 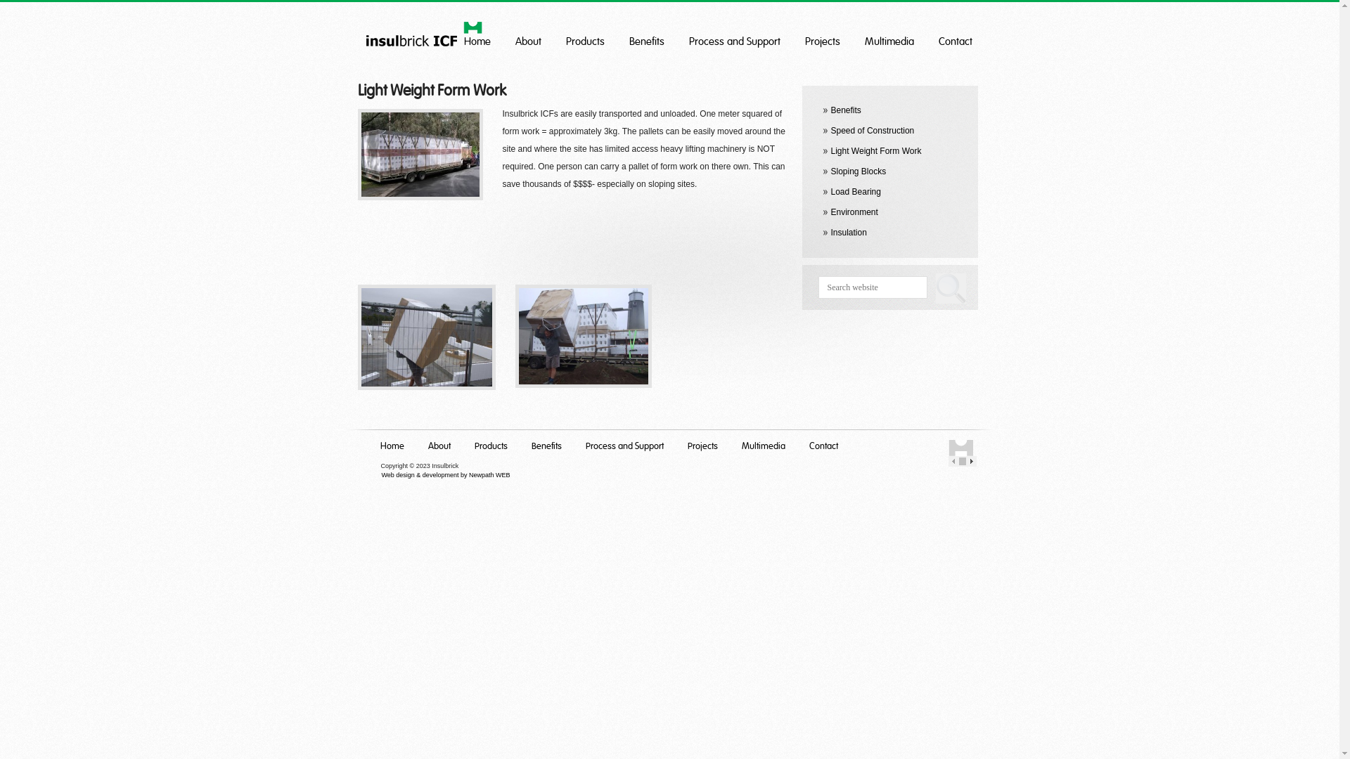 What do you see at coordinates (762, 443) in the screenshot?
I see `'Multimedia'` at bounding box center [762, 443].